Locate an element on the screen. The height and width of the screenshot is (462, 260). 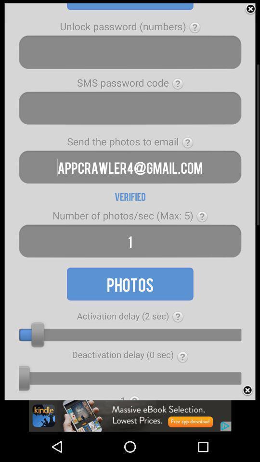
the help icon is located at coordinates (187, 153).